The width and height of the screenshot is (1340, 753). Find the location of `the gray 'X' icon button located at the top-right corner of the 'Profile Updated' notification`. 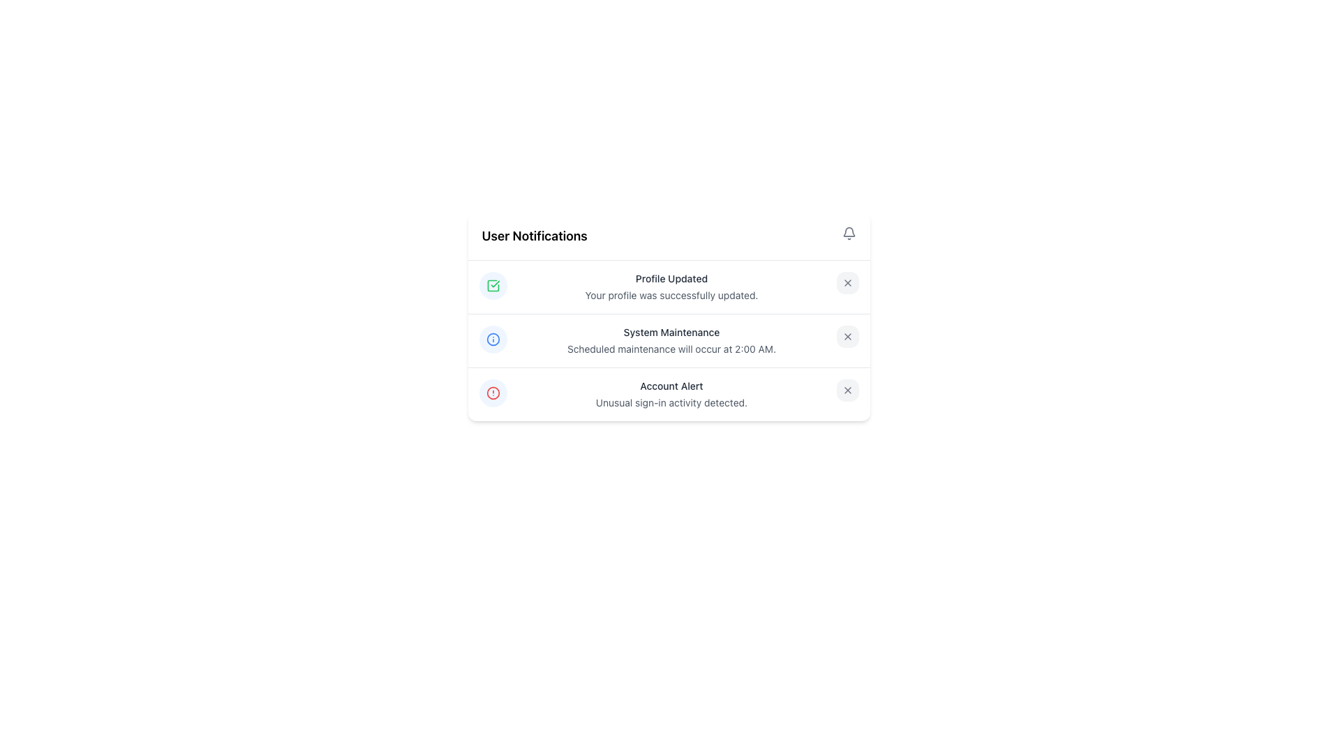

the gray 'X' icon button located at the top-right corner of the 'Profile Updated' notification is located at coordinates (847, 282).